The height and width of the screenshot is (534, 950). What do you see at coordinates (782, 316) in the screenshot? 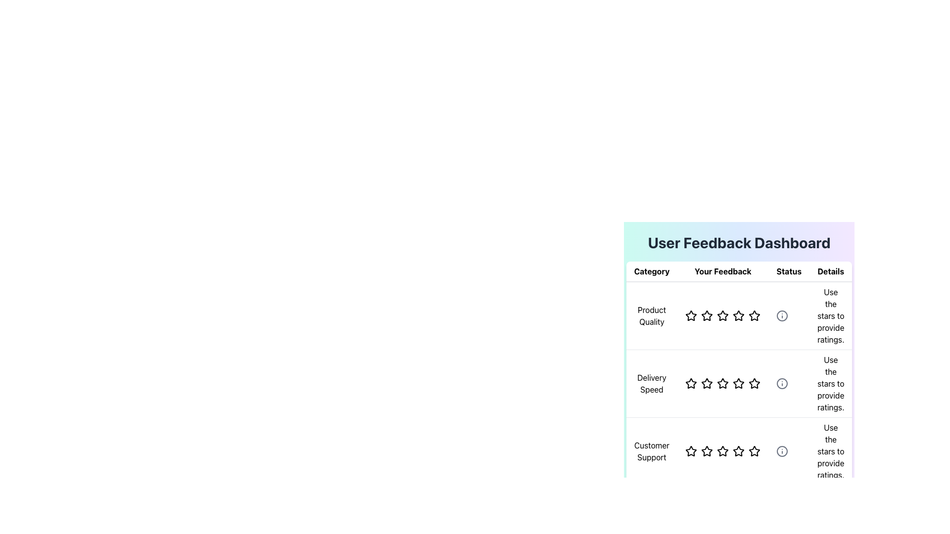
I see `the first 'info' icon under the 'Product Quality' row in the 'Status' column of the user feedback table` at bounding box center [782, 316].